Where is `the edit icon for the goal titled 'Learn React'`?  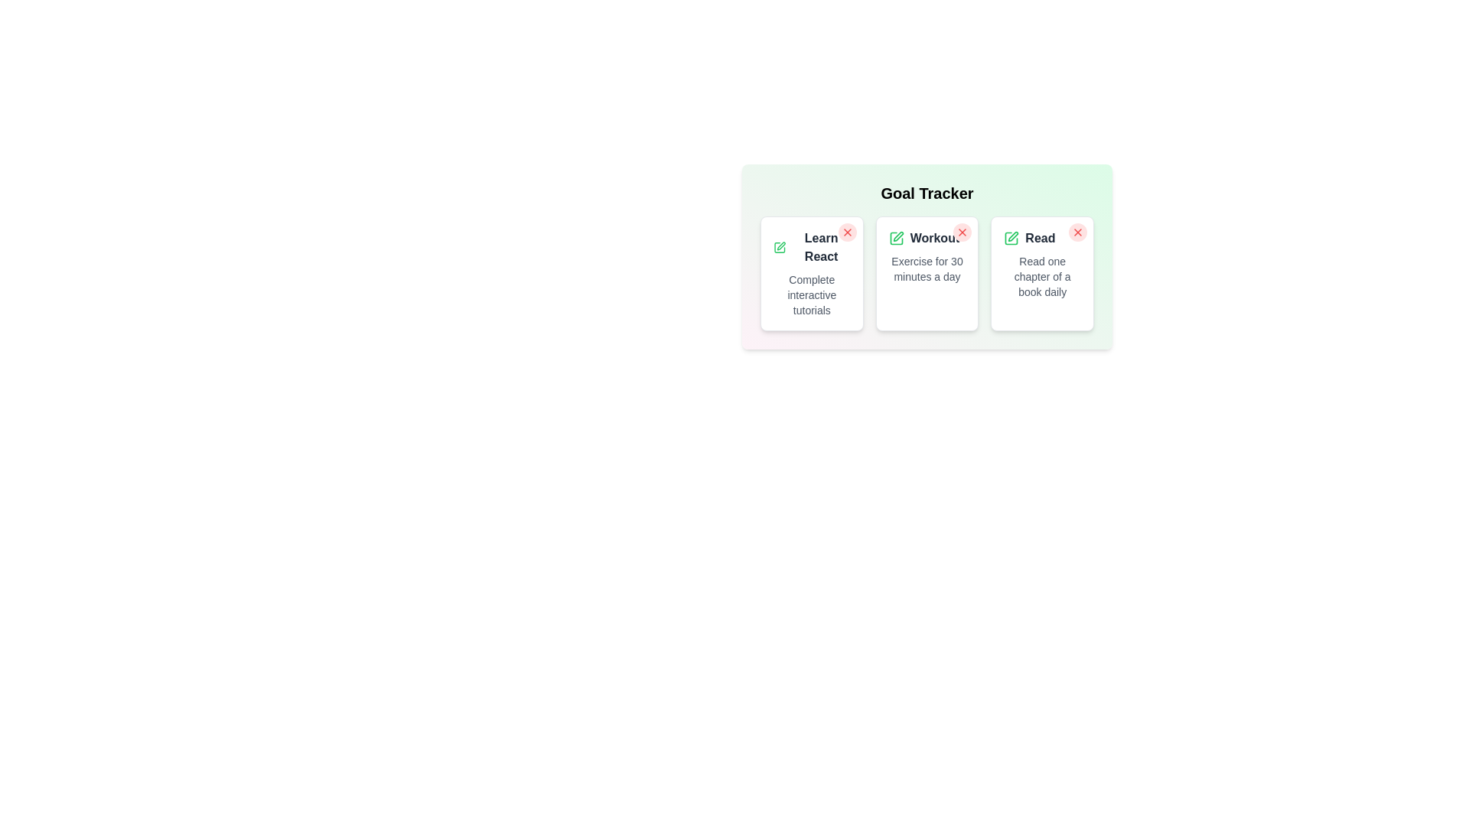 the edit icon for the goal titled 'Learn React' is located at coordinates (779, 247).